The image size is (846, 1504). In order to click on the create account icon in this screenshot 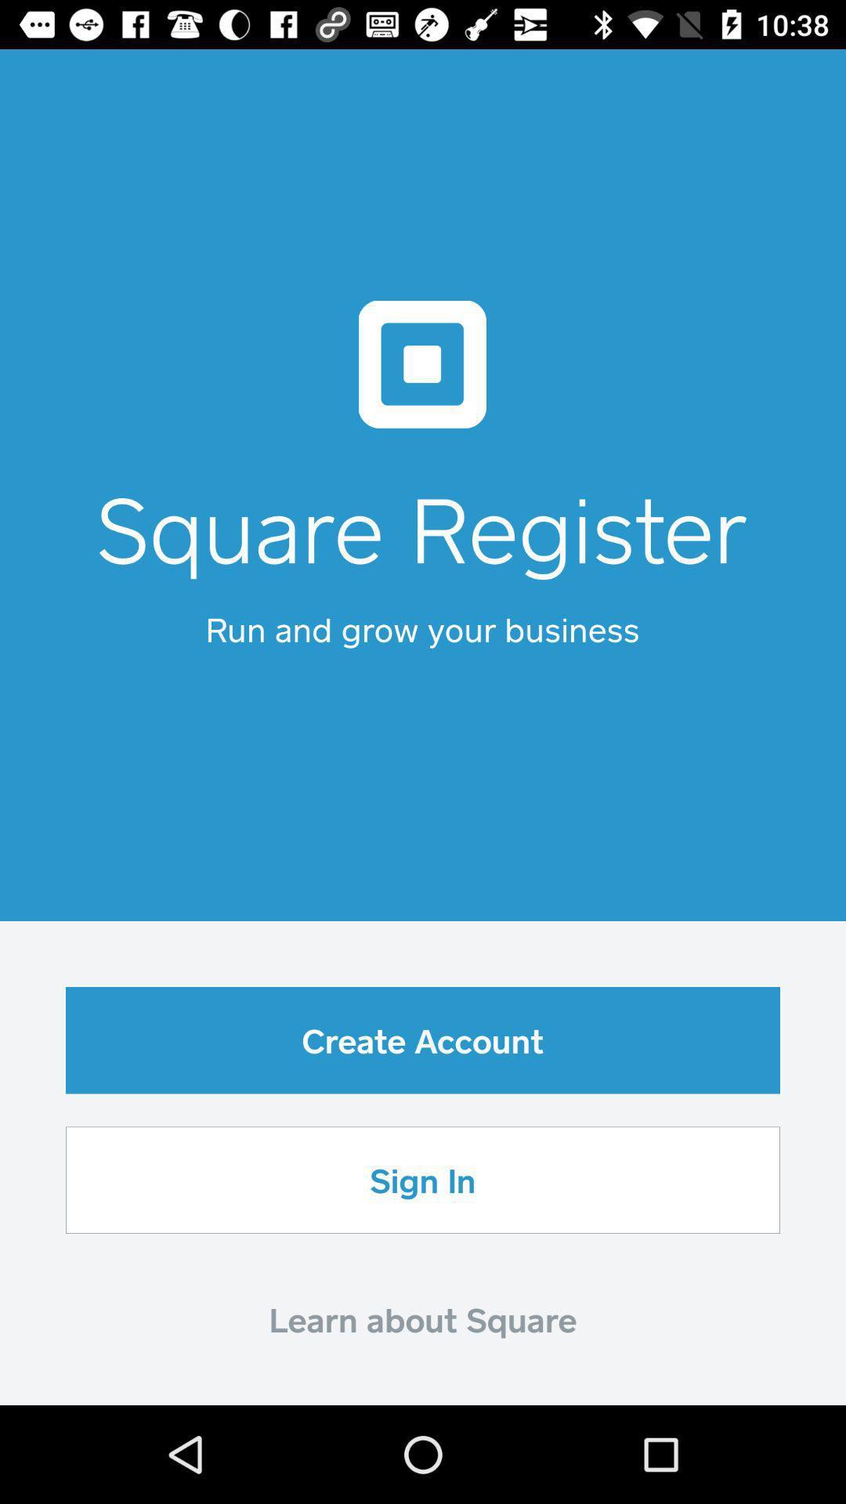, I will do `click(423, 1040)`.